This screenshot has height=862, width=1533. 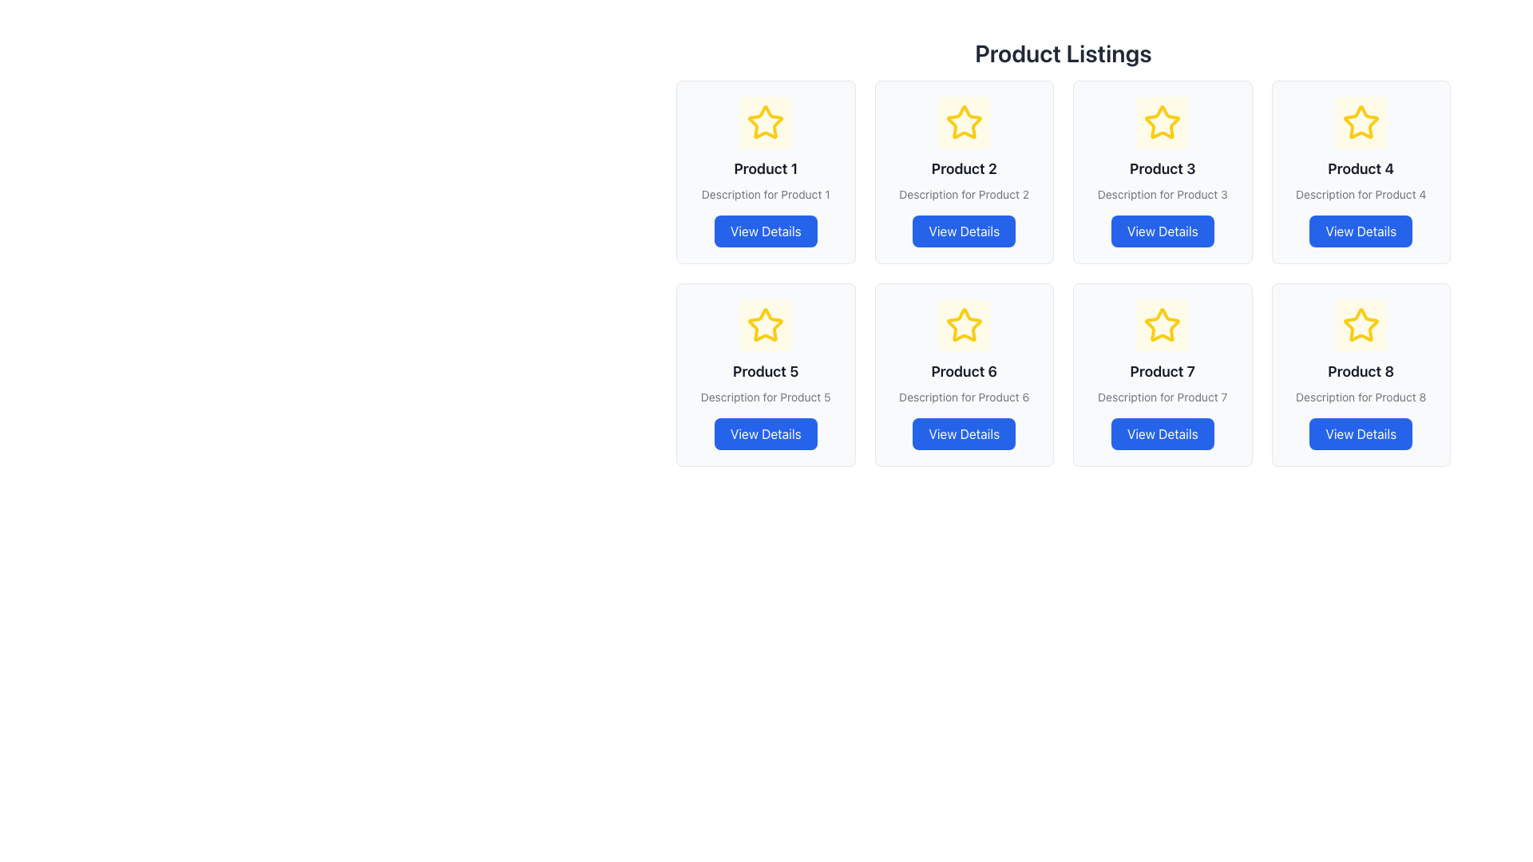 I want to click on the decorative icon located in the second column of the first row of the grid layout, positioned above the text 'Product 2' and 'Description for Product 2', so click(x=963, y=122).